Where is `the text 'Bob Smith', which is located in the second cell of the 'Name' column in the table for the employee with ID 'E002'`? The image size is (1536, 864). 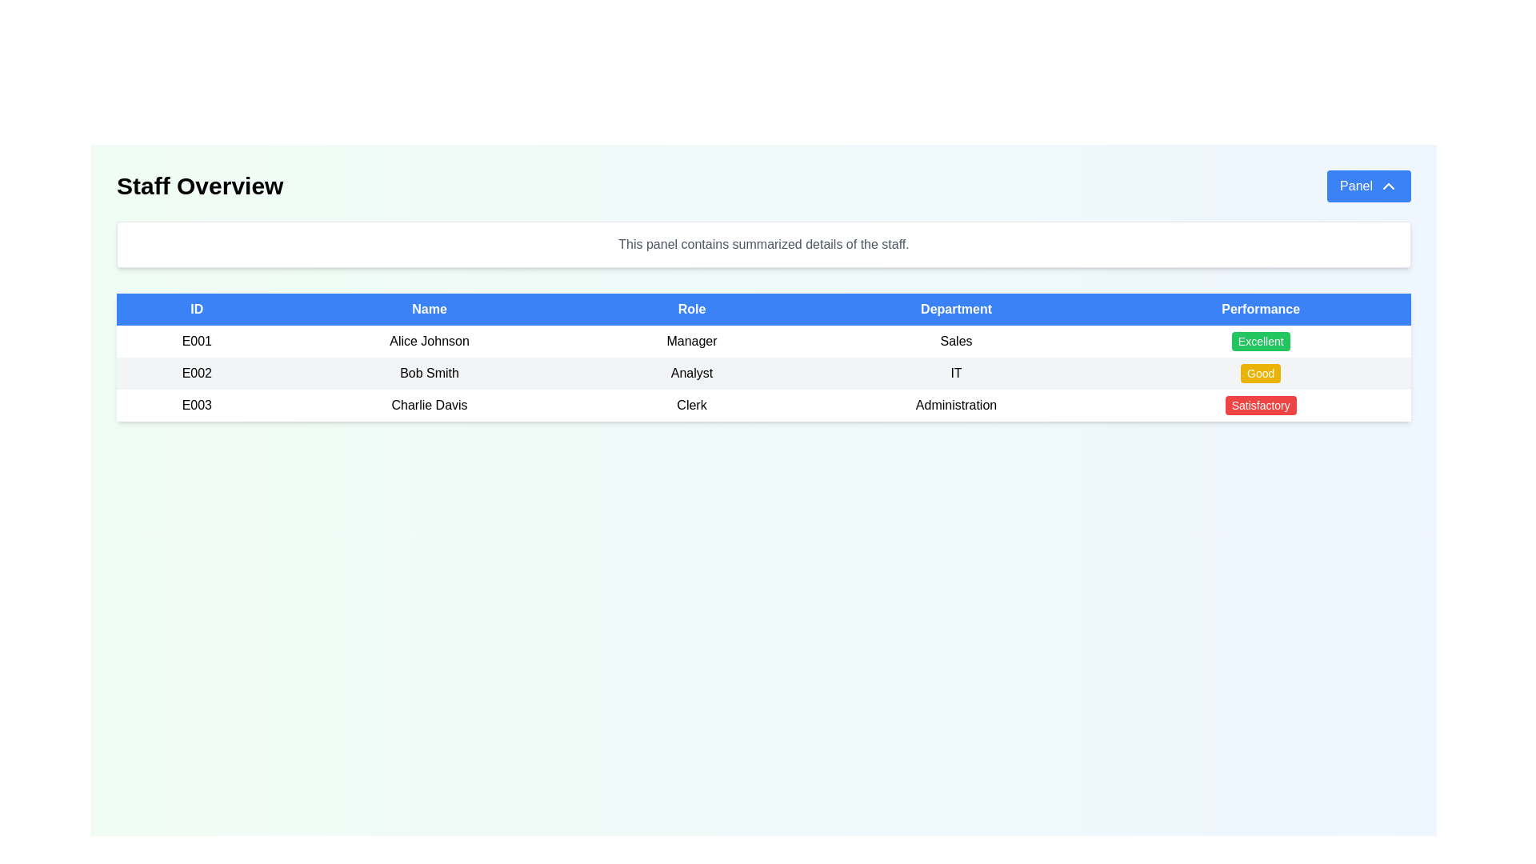 the text 'Bob Smith', which is located in the second cell of the 'Name' column in the table for the employee with ID 'E002' is located at coordinates (430, 373).